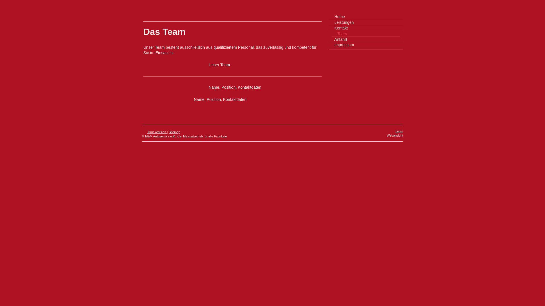  I want to click on 'Team', so click(331, 34).